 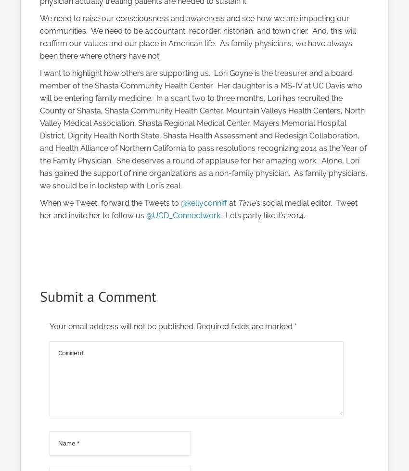 What do you see at coordinates (204, 129) in the screenshot?
I see `'I want to highlight how others are supporting us.  Lori Goyne is the treasurer and a board member of the Shasta Community Health Center.  Her daughter is a MS-IV at UC Davis who will be entering family medicine.  In a scant two to three months, Lori has recruited the County of Shasta, Shasta Community Health Center, Mountain Valleys Health Centers, North Valley Medical Association, Shasta Regional Medical Center, Mayers Memorial Hospital District, Dignity Health North State, Shasta Health Assessment and Redesign Collaboration, and Health Alliance of Northern California to pass resolutions recognizing 2014 as the Year of the Family Physician.  She deserves a round of applause for her amazing work.  Alone, Lori has gained the support of nine organizations as a non-family physician.  As family physicians, we should be in lockstep with Lori’s zeal.'` at bounding box center [204, 129].